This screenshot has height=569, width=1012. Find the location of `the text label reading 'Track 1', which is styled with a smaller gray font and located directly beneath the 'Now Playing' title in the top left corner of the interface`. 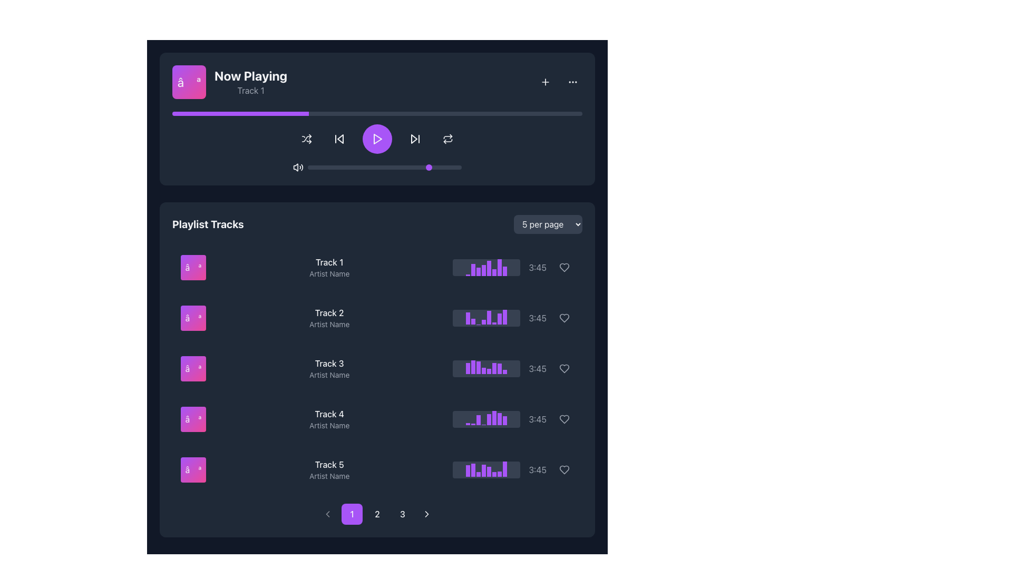

the text label reading 'Track 1', which is styled with a smaller gray font and located directly beneath the 'Now Playing' title in the top left corner of the interface is located at coordinates (250, 90).